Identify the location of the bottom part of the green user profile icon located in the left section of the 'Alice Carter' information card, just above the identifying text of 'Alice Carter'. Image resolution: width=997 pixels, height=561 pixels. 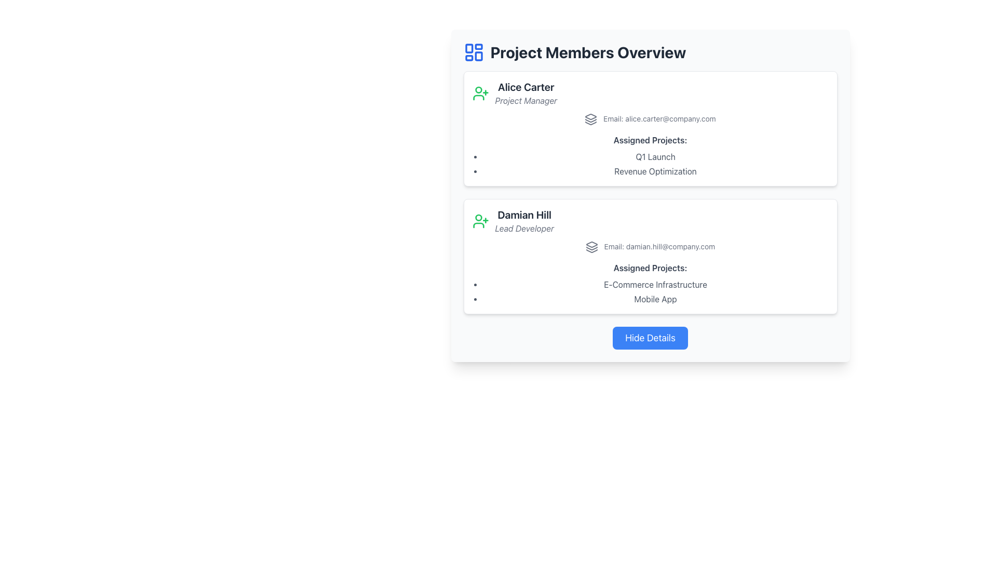
(478, 98).